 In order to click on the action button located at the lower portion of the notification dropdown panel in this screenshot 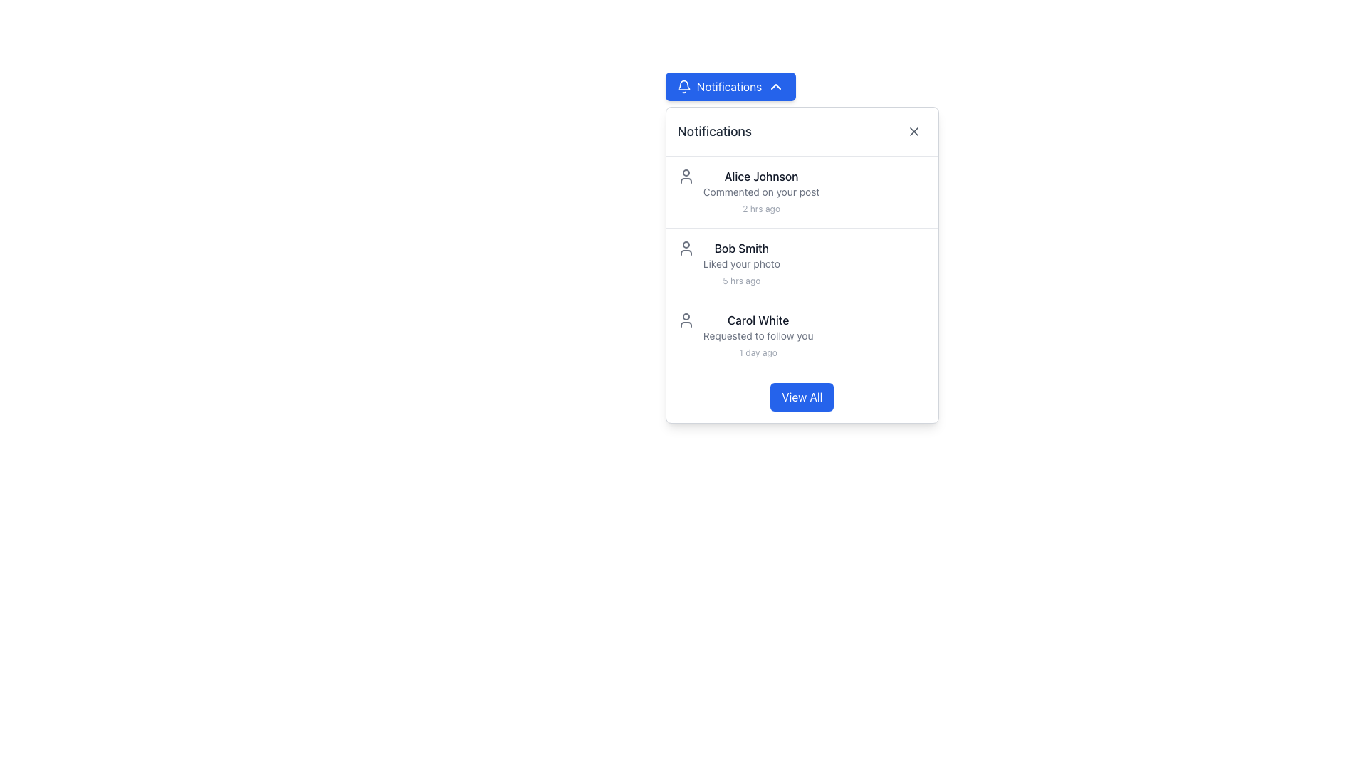, I will do `click(802, 397)`.